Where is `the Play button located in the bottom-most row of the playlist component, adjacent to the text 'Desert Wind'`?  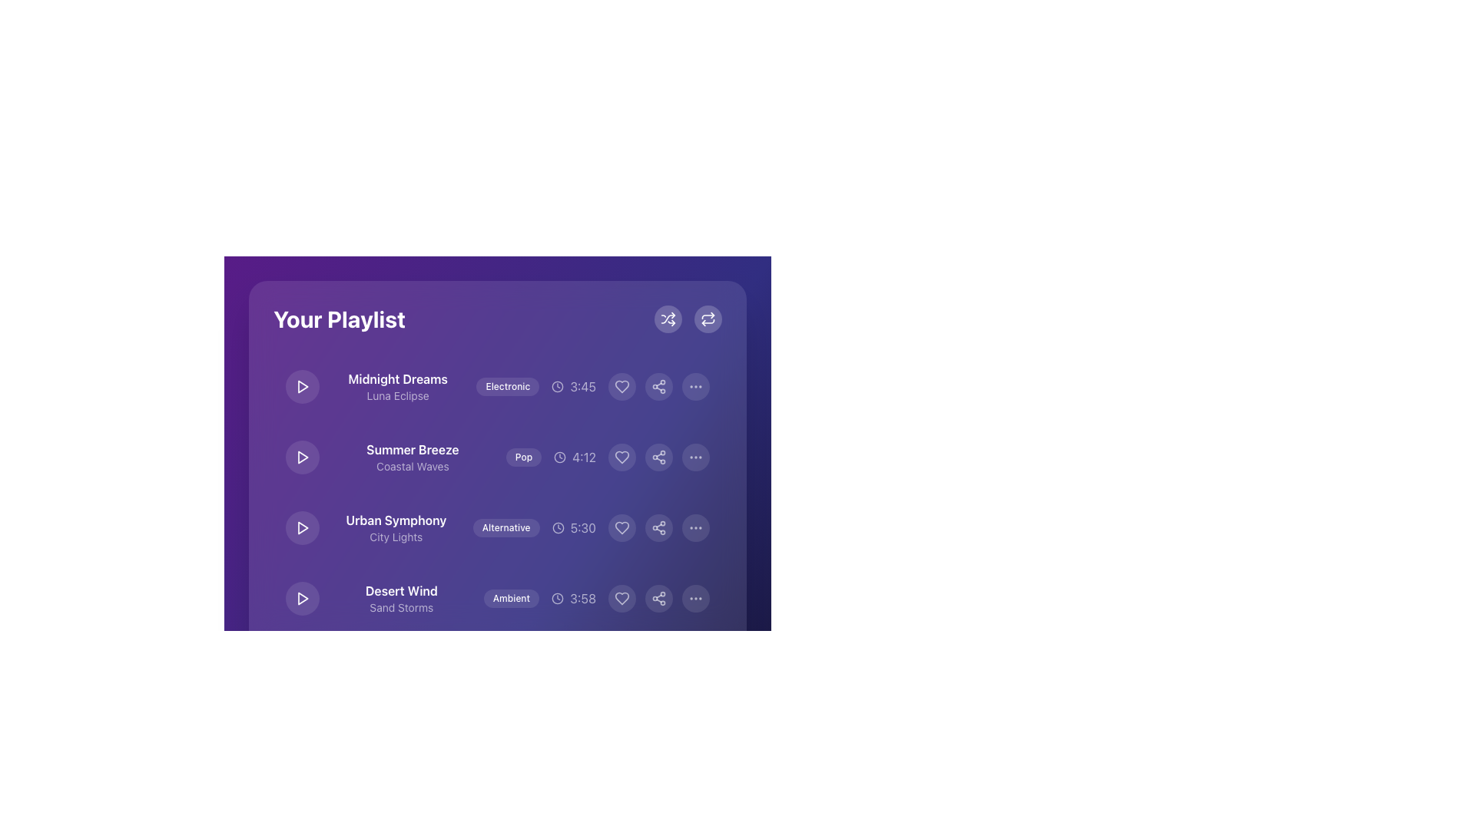
the Play button located in the bottom-most row of the playlist component, adjacent to the text 'Desert Wind' is located at coordinates (302, 597).